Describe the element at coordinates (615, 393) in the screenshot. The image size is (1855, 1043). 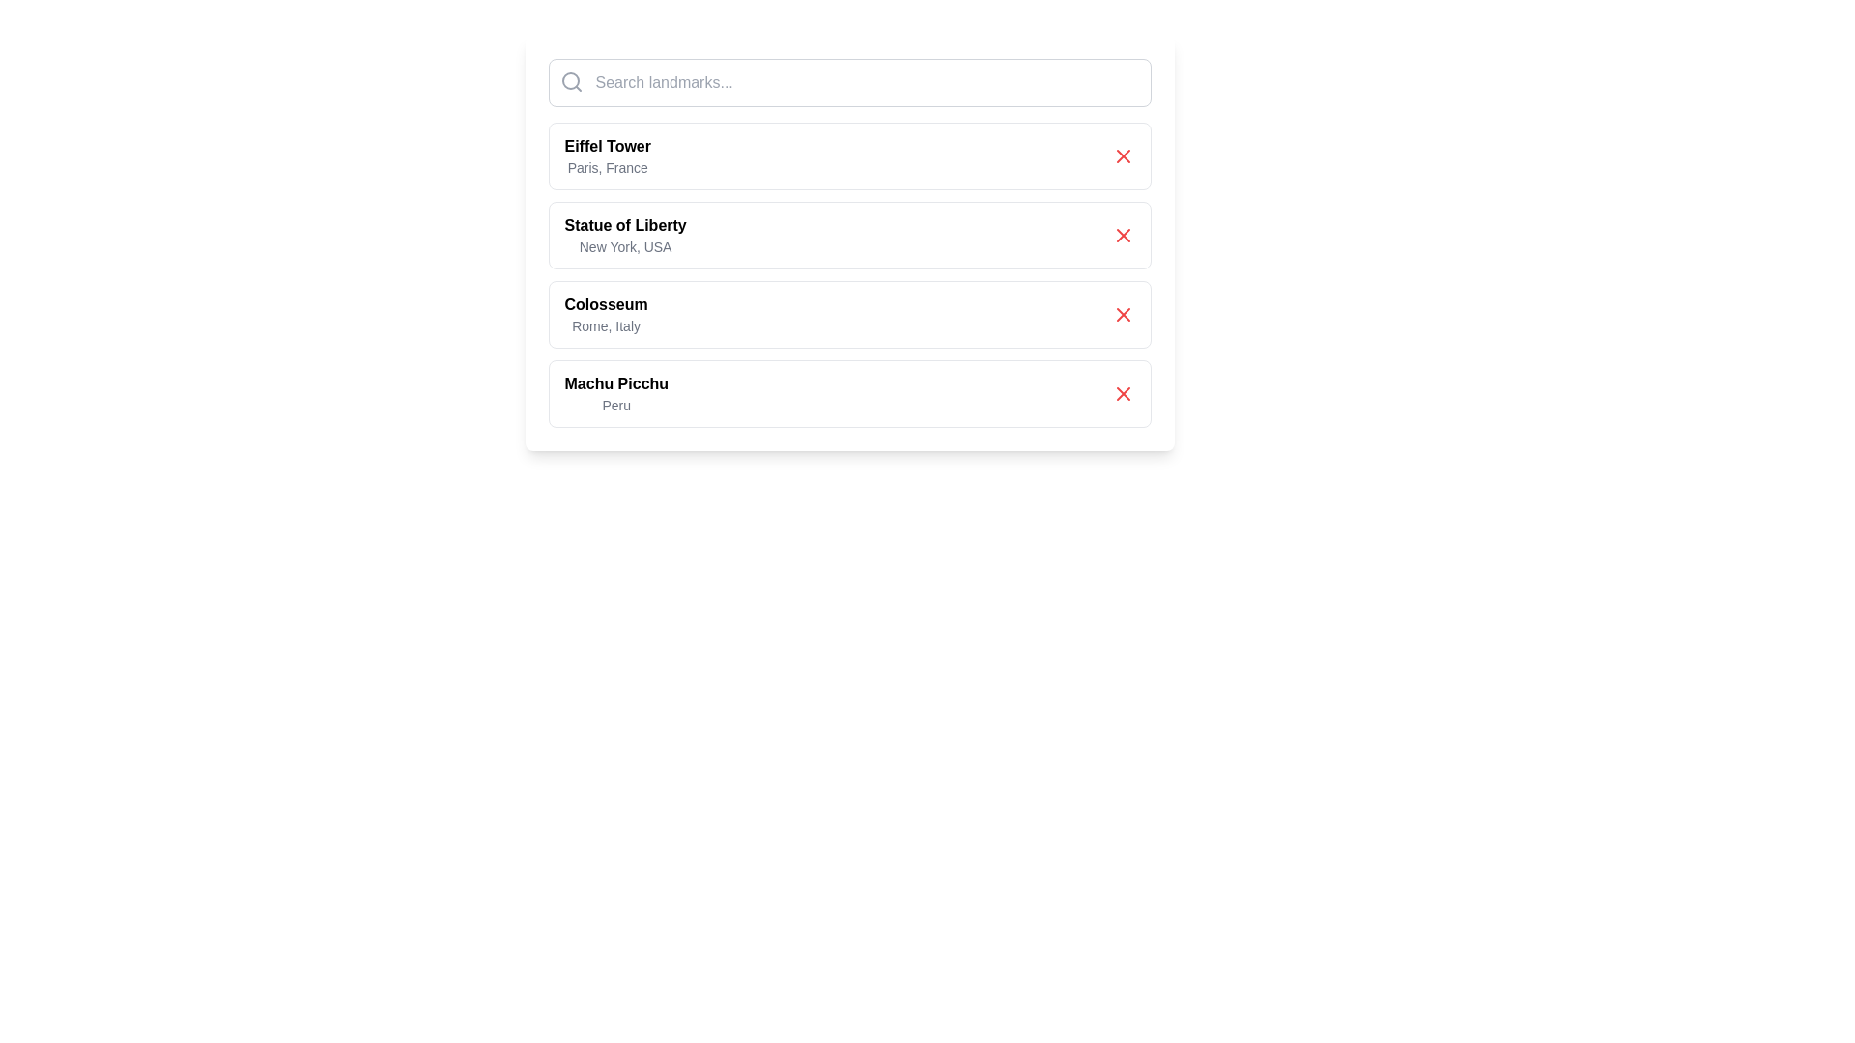
I see `the selectable list item for 'Machu Picchu'` at that location.